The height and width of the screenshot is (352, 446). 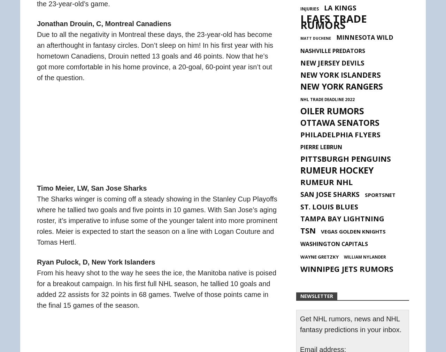 What do you see at coordinates (333, 244) in the screenshot?
I see `'Washington Capitals'` at bounding box center [333, 244].